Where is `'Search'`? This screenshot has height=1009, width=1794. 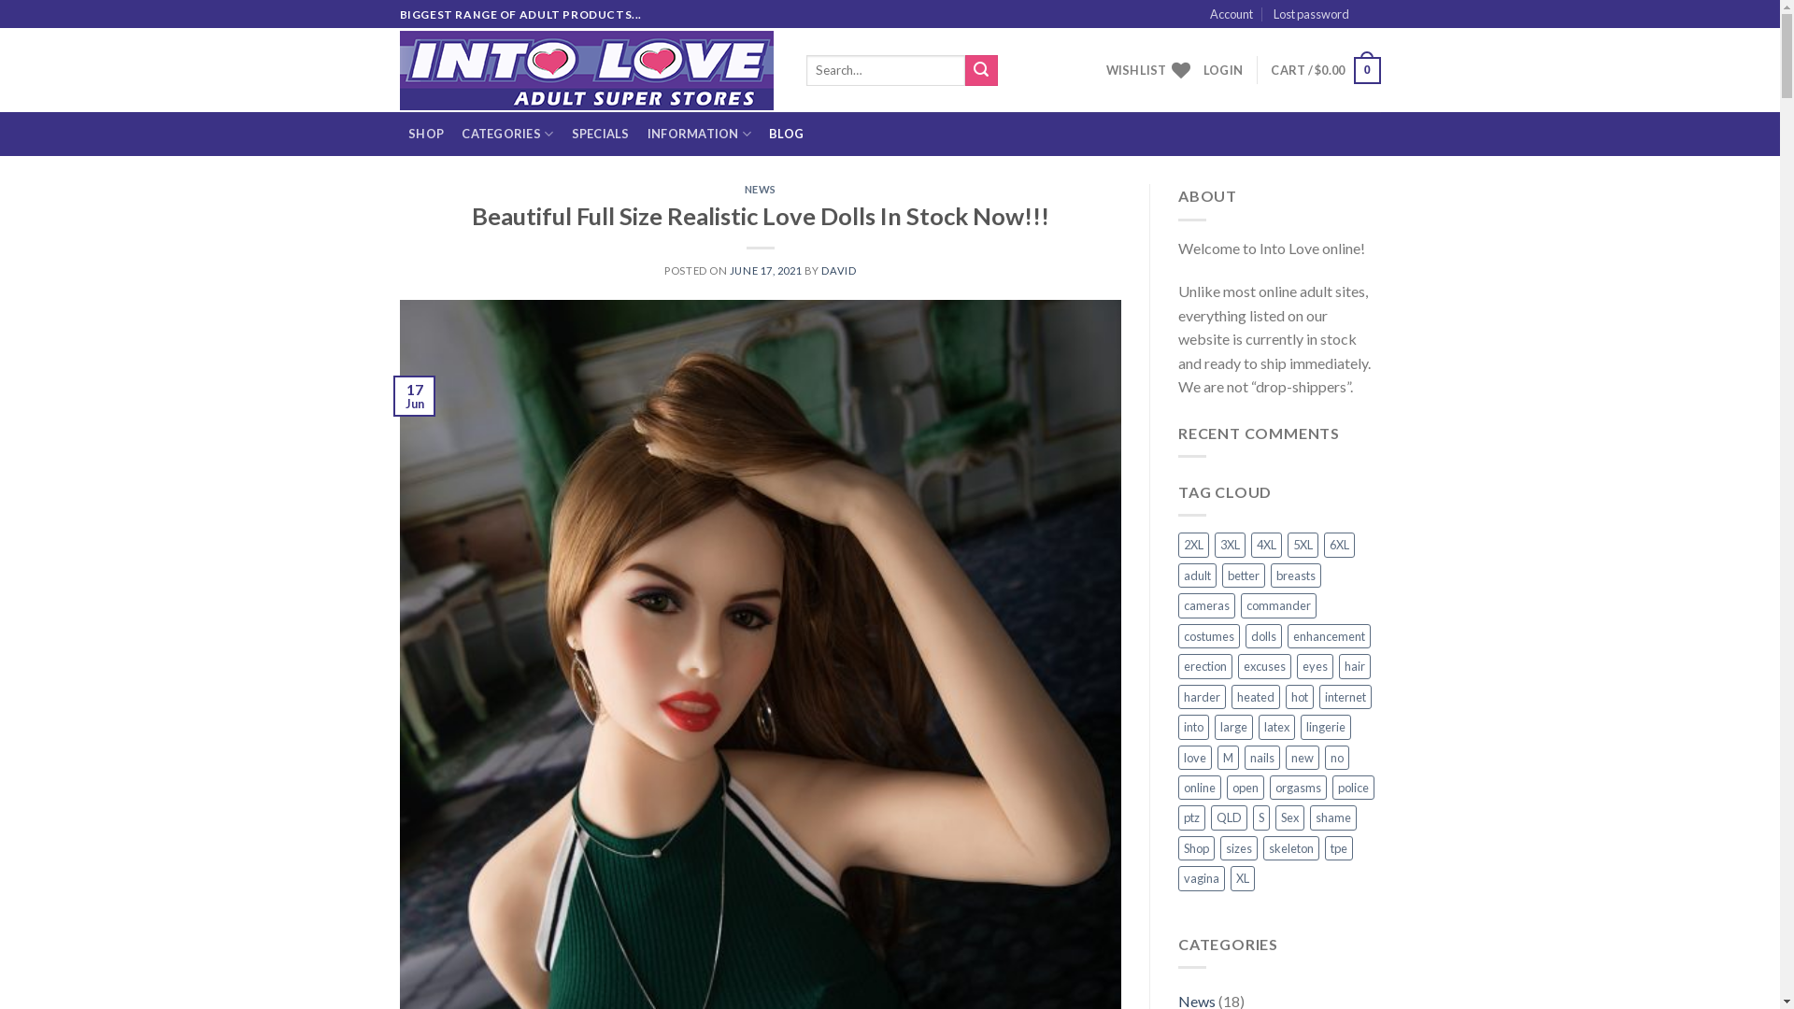
'Search' is located at coordinates (980, 70).